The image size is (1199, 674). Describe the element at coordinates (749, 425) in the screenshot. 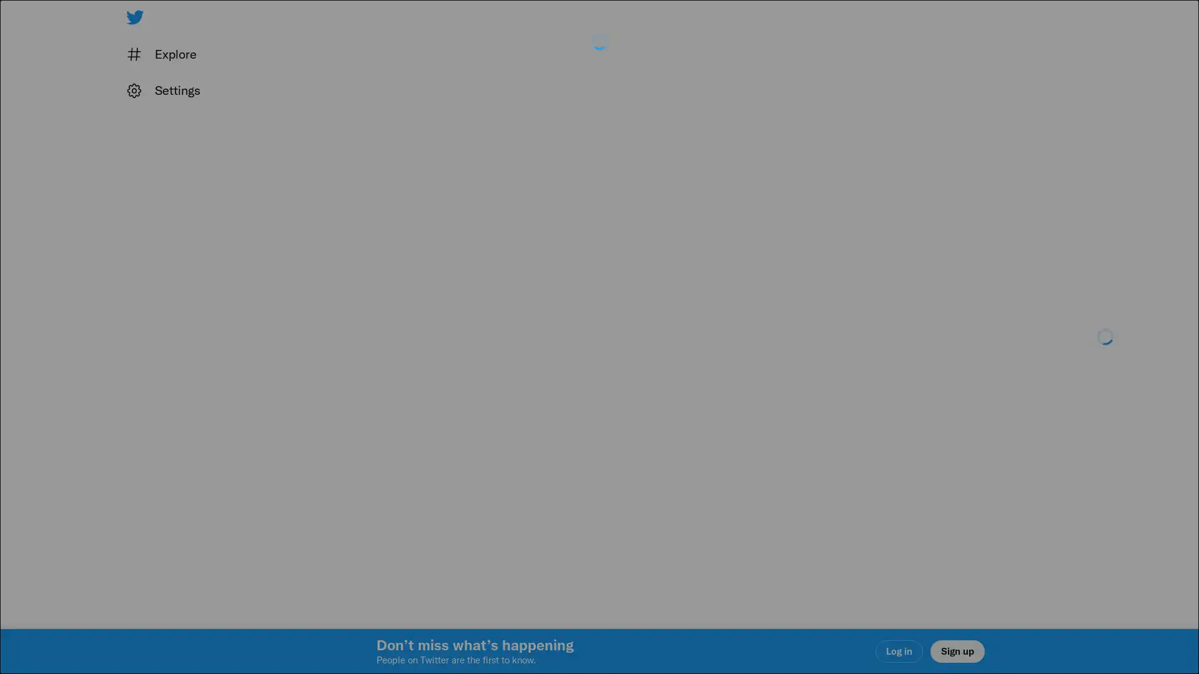

I see `Log in` at that location.